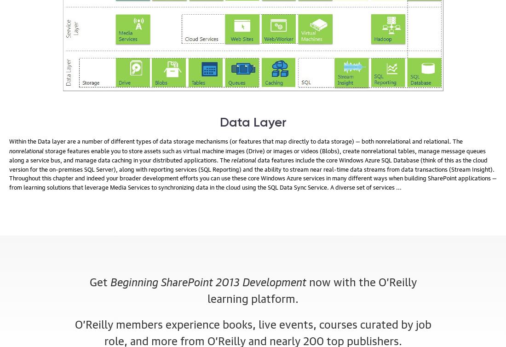  Describe the element at coordinates (207, 280) in the screenshot. I see `'Beginning SharePoint 2013 Development'` at that location.